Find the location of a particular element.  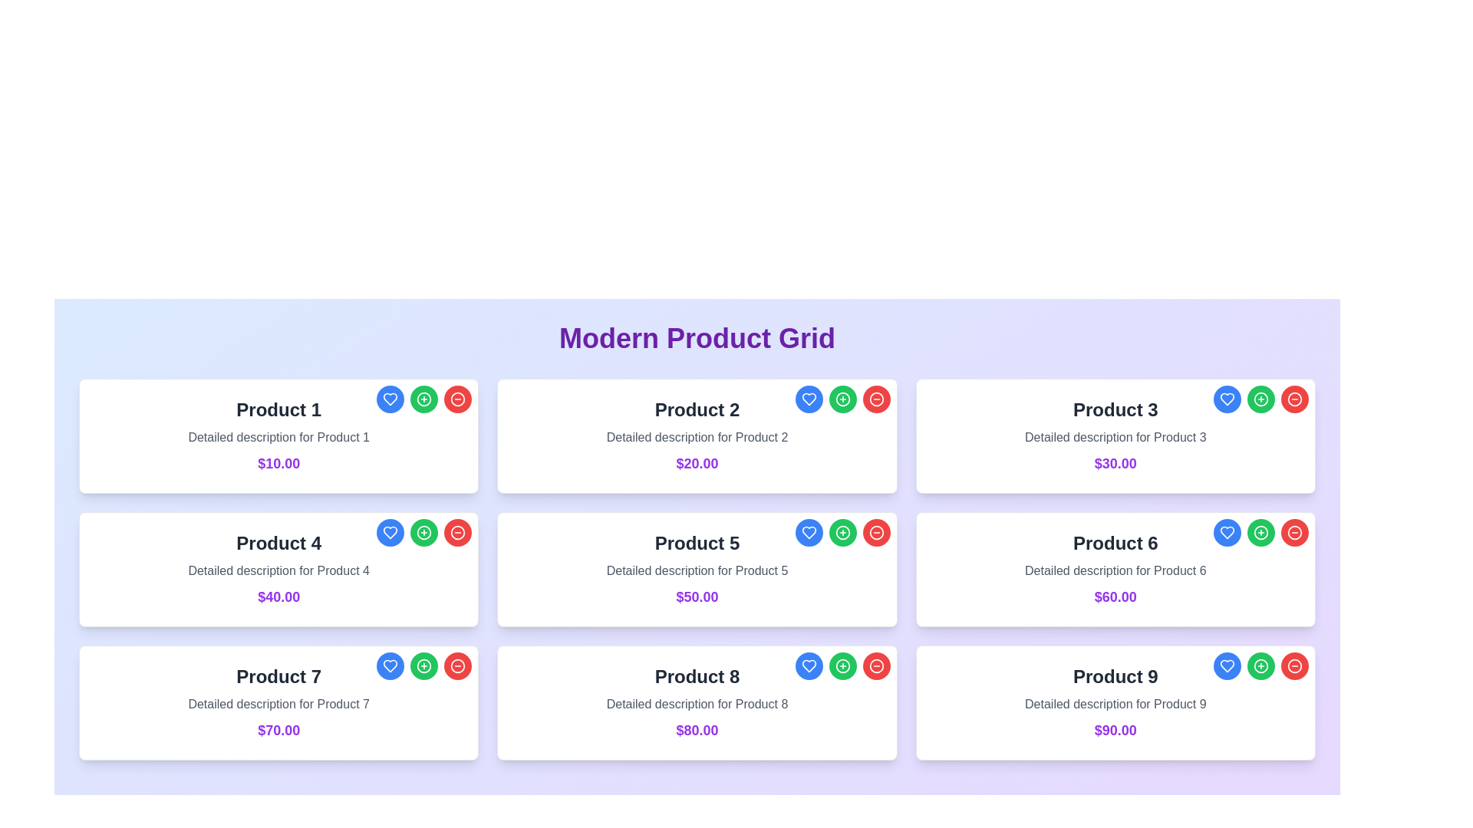

the heart-shaped icon with a blue outline located in the top-left corner of the button group associated with 'Product 7' is located at coordinates (390, 665).